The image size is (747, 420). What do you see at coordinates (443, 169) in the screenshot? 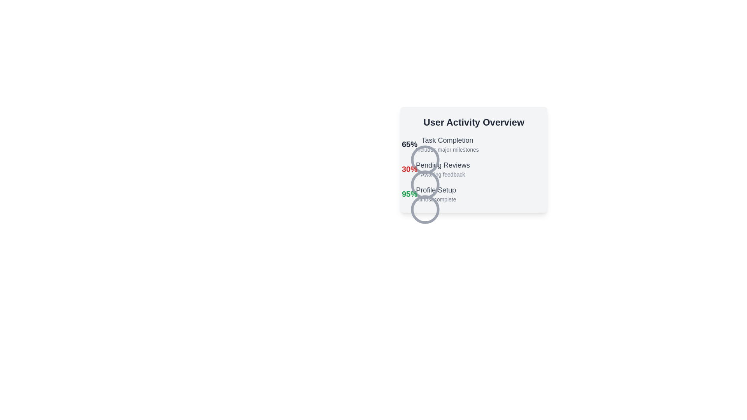
I see `the 'Pending Reviews' text block in the 'User Activity Overview' section, which displays 'Awaiting feedback' below it, styled in gray tones` at bounding box center [443, 169].